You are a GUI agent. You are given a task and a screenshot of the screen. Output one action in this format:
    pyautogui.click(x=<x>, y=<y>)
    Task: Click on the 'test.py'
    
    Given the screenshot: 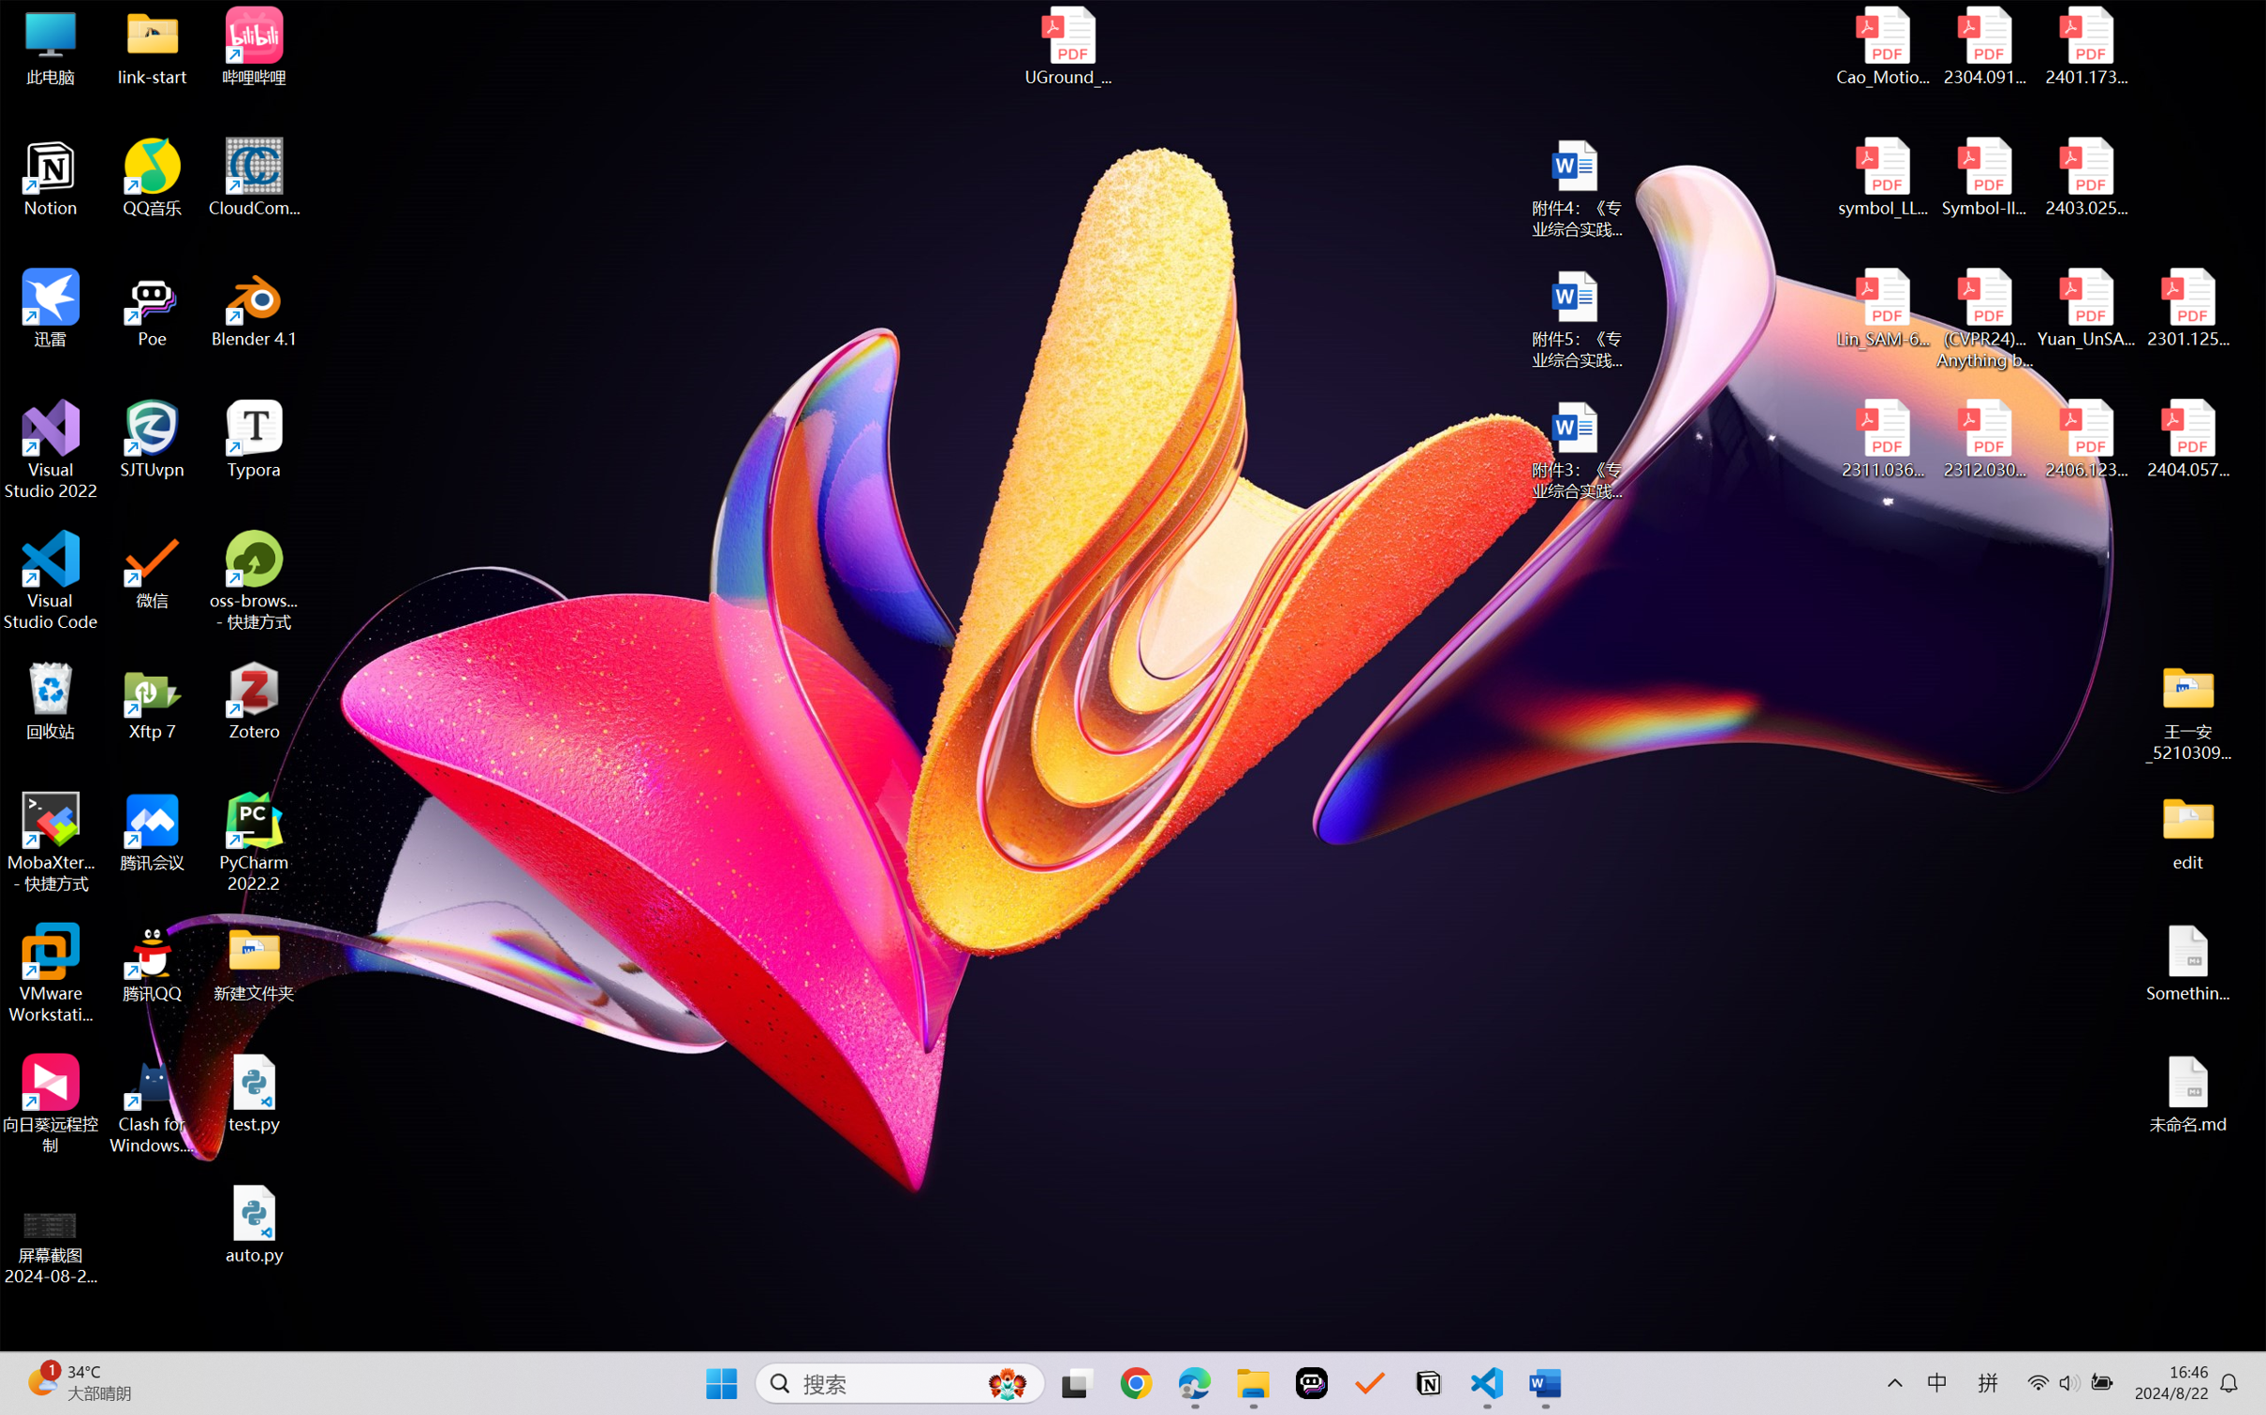 What is the action you would take?
    pyautogui.click(x=254, y=1092)
    